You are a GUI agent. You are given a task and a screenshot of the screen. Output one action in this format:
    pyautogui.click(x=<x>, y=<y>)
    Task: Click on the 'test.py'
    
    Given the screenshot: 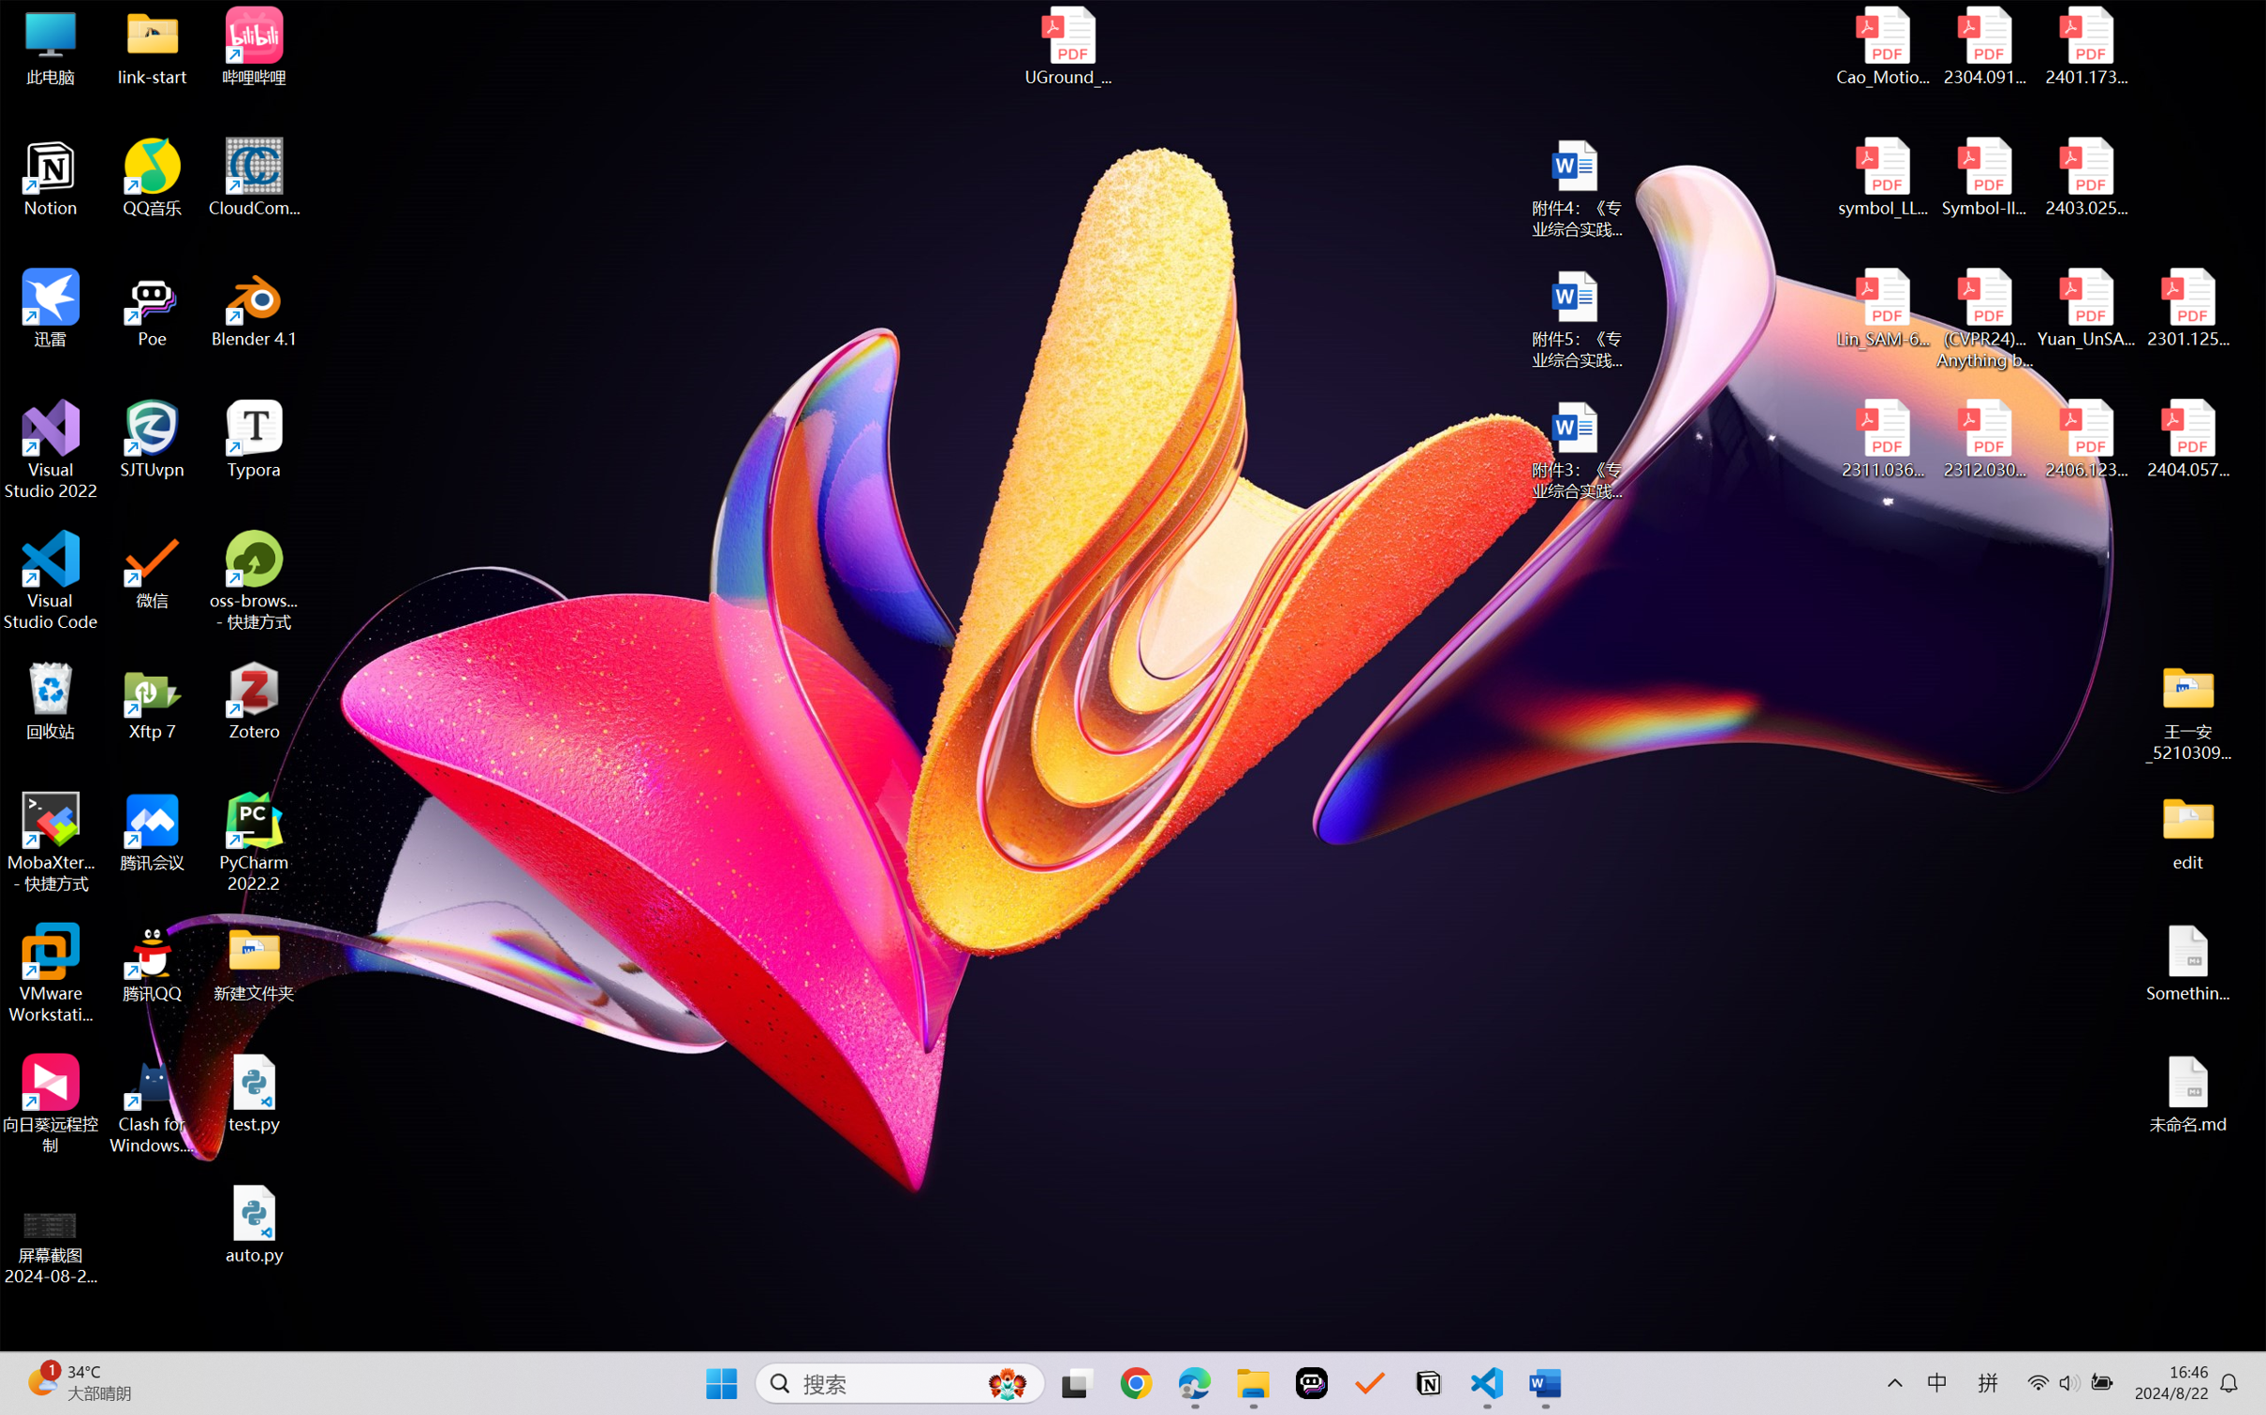 What is the action you would take?
    pyautogui.click(x=254, y=1092)
    